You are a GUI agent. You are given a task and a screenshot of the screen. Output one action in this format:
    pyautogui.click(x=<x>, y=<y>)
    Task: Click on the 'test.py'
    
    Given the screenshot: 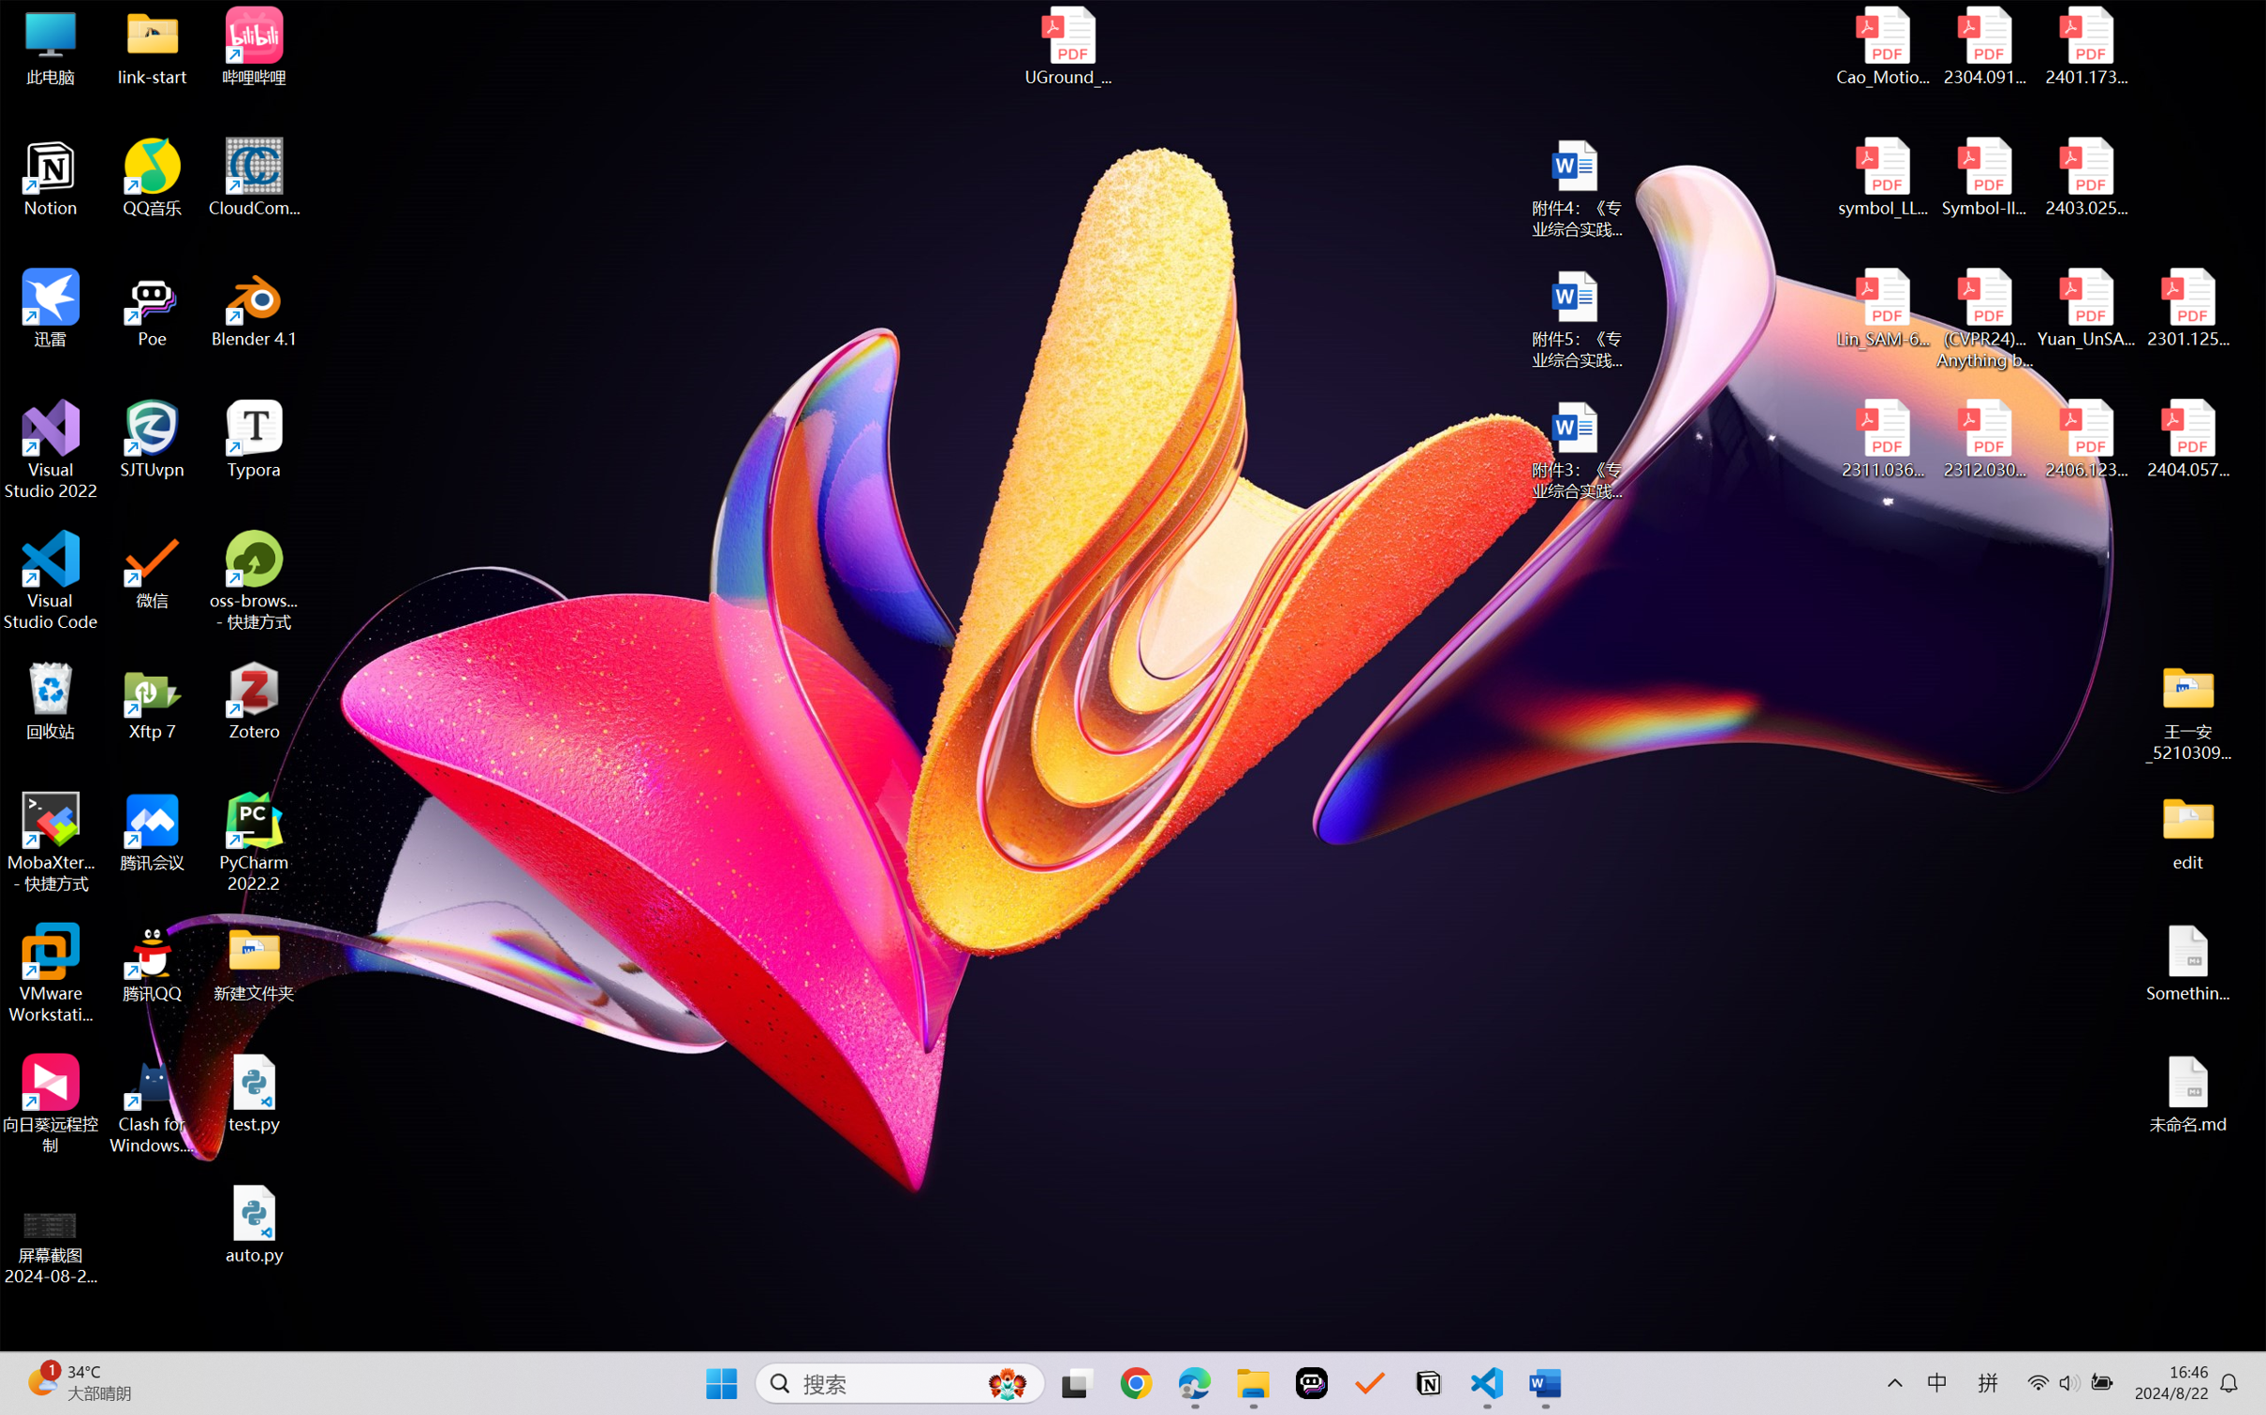 What is the action you would take?
    pyautogui.click(x=254, y=1092)
    